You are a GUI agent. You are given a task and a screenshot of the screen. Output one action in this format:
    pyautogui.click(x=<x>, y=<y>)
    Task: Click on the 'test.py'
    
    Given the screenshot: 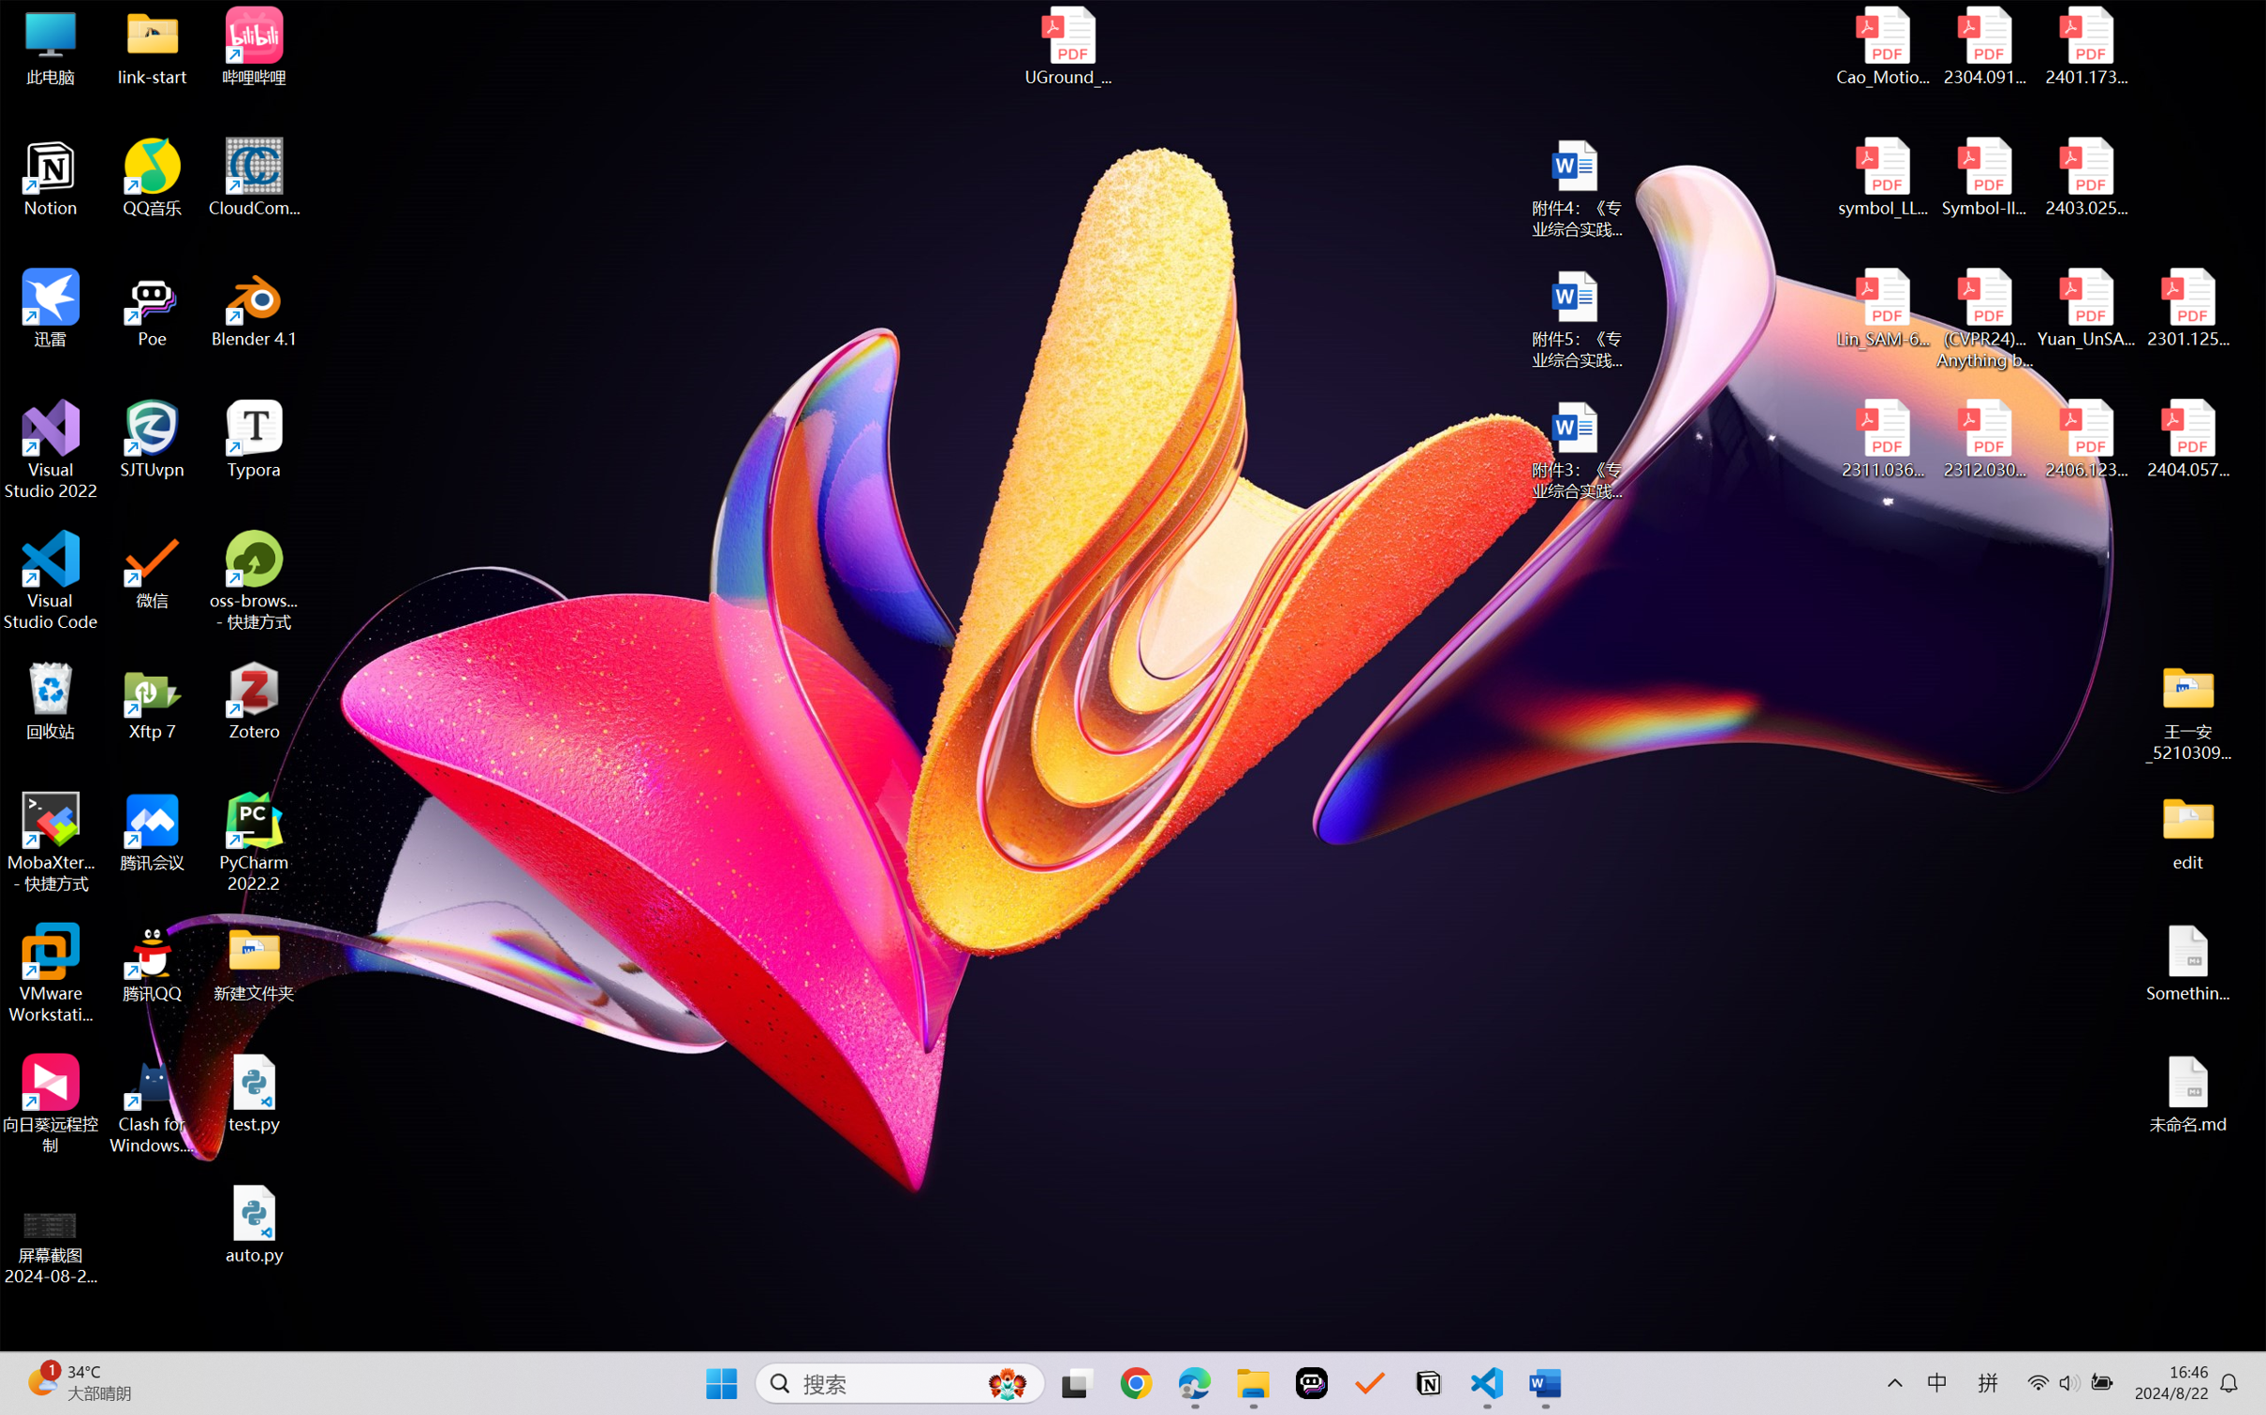 What is the action you would take?
    pyautogui.click(x=254, y=1092)
    